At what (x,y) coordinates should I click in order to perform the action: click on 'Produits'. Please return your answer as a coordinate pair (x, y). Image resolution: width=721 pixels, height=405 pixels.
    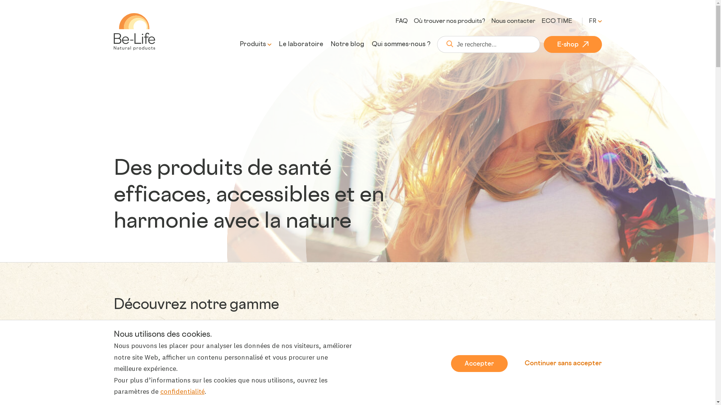
    Looking at the image, I should click on (239, 45).